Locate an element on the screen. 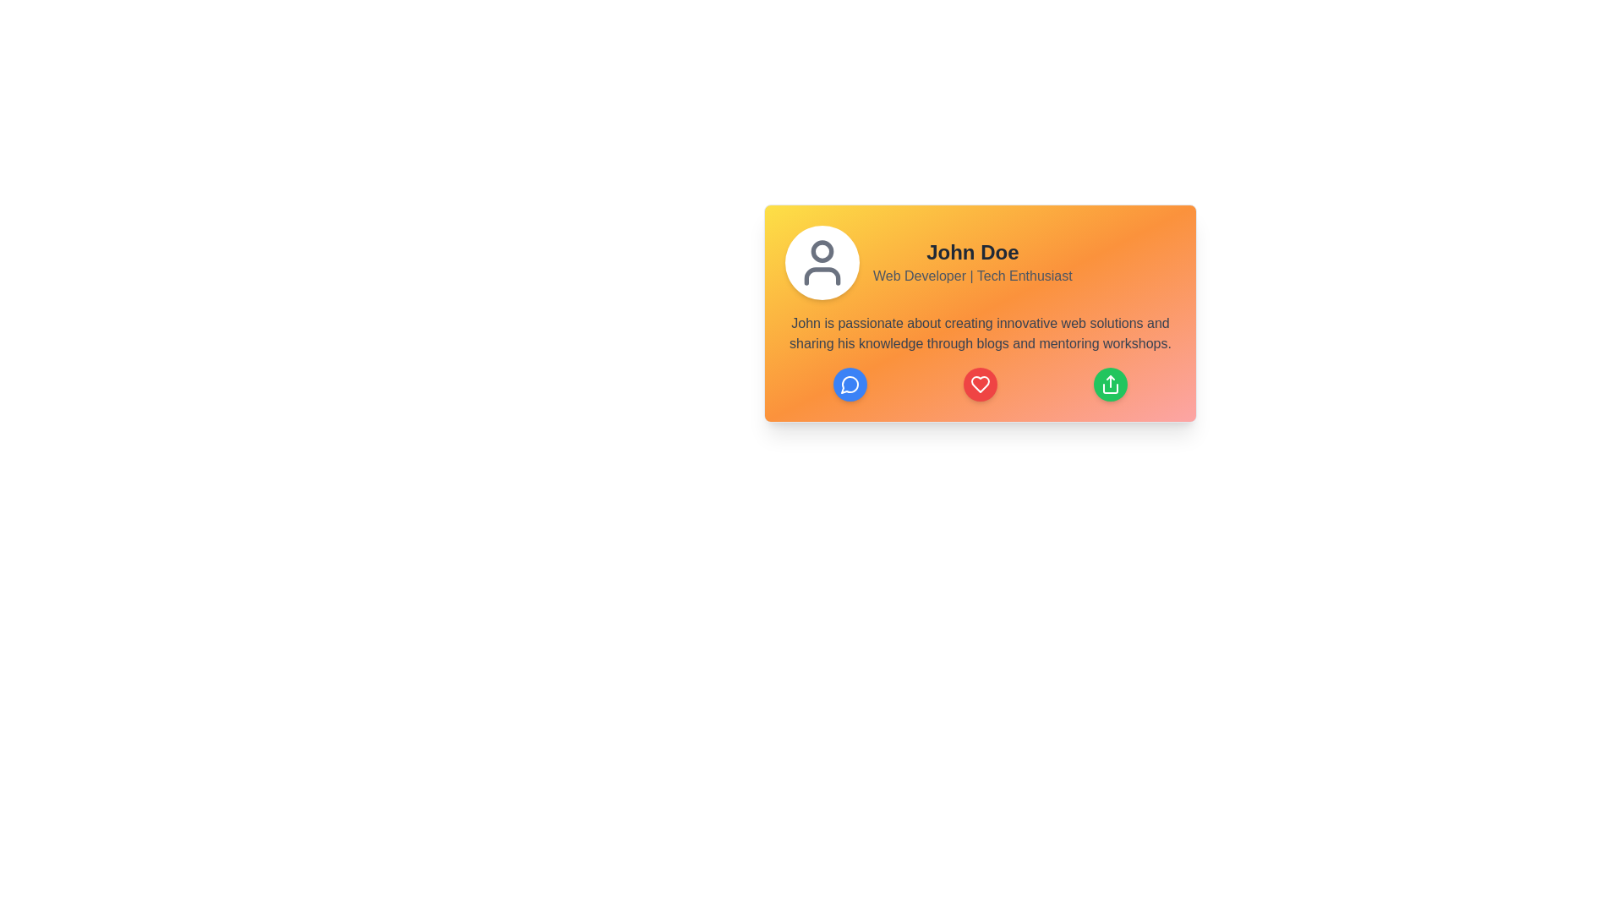  the circular red button with a white heart-shaped icon located in the middle row of buttons on the card interface for tooltip or effect is located at coordinates (981, 385).